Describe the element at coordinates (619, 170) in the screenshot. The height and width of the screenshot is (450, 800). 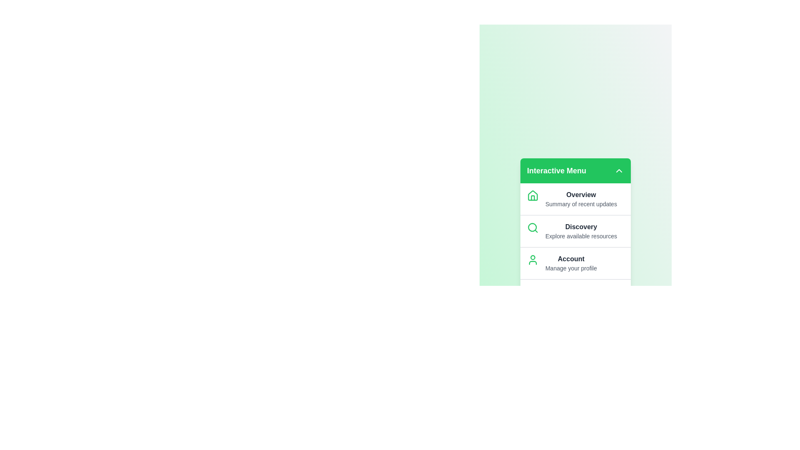
I see `the toggle button to expand or collapse the menu` at that location.